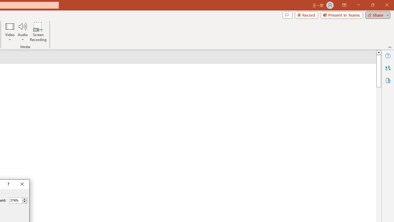  I want to click on 'Context help', so click(8, 184).